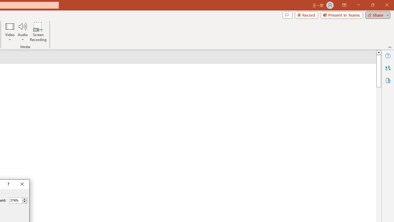  I want to click on 'Context help', so click(8, 184).